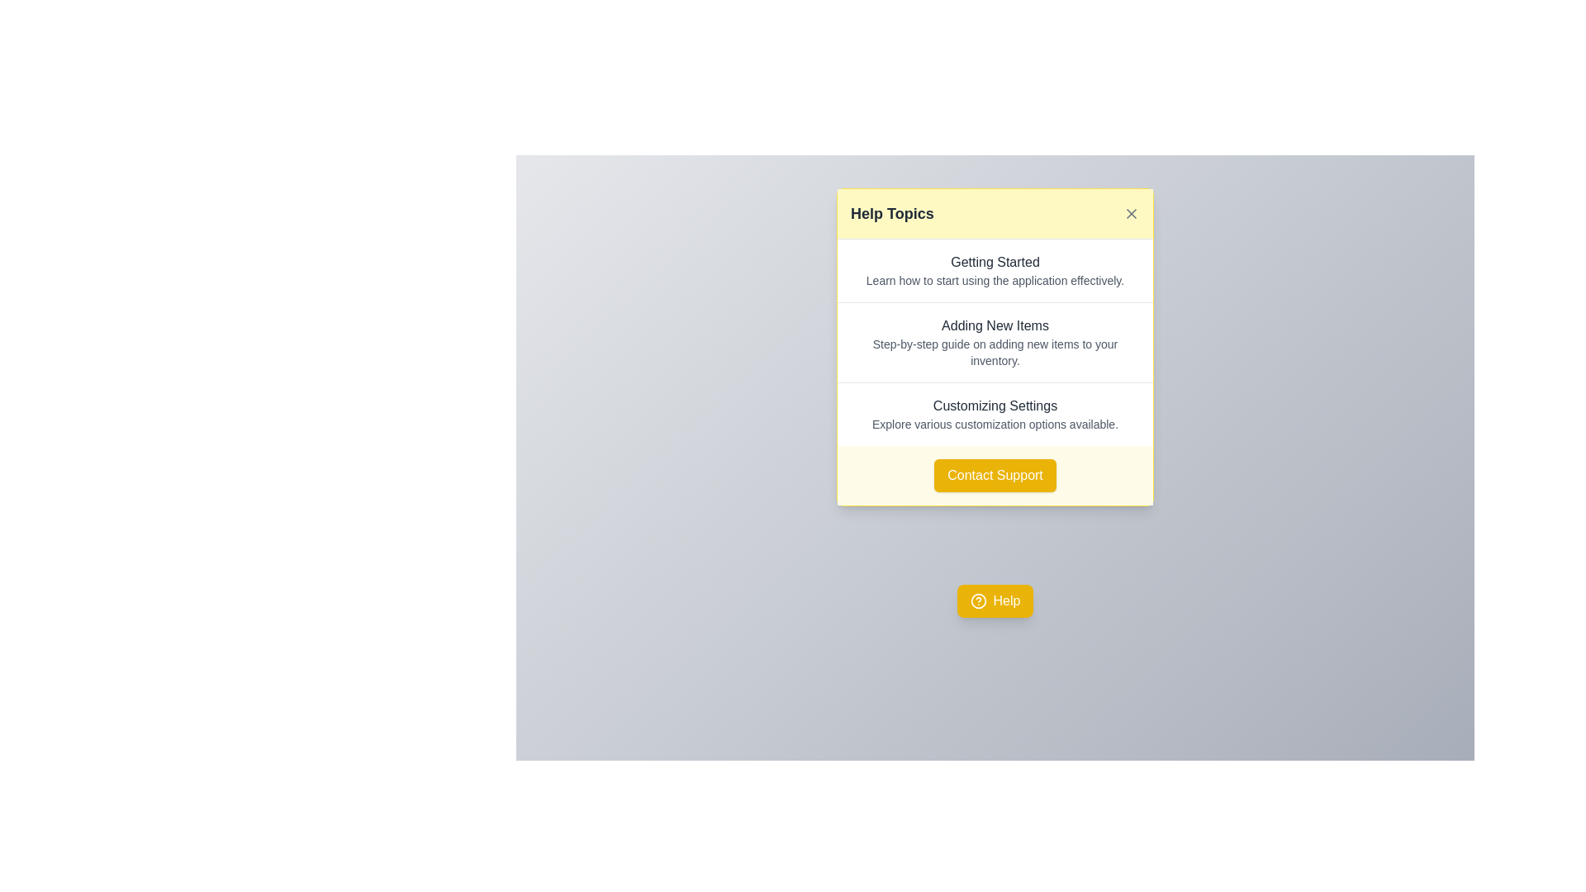 The image size is (1586, 892). What do you see at coordinates (1130, 212) in the screenshot?
I see `the close button located at the top-right corner of the yellow header in the modal dialog containing help topics` at bounding box center [1130, 212].